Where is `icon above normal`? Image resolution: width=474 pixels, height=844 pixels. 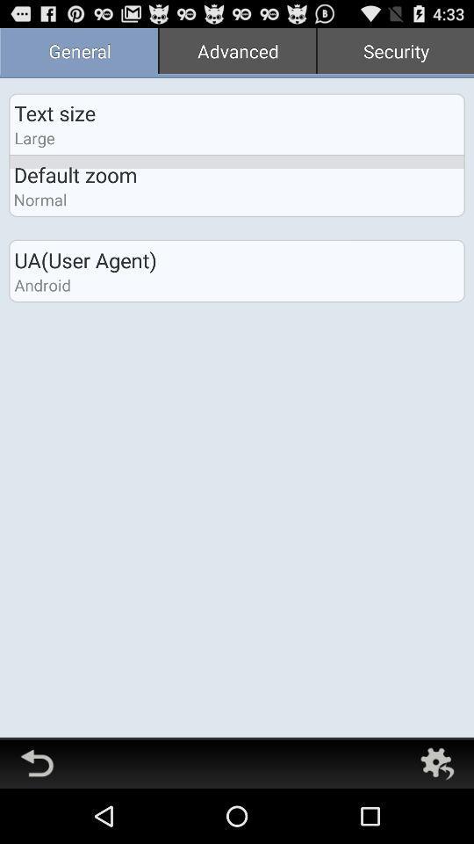 icon above normal is located at coordinates (75, 174).